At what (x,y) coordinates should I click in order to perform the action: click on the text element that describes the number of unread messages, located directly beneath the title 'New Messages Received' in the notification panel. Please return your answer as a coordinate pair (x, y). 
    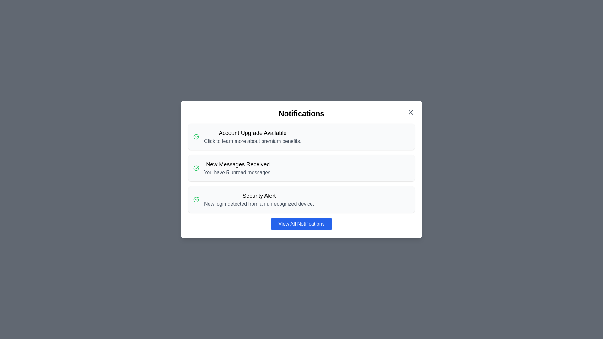
    Looking at the image, I should click on (237, 173).